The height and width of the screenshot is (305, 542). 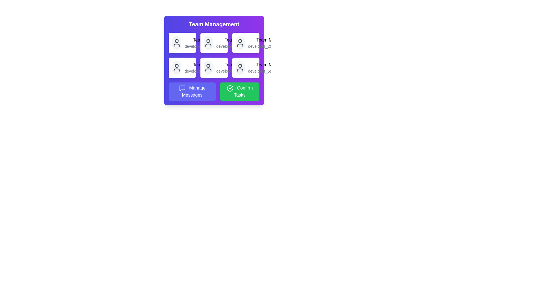 I want to click on the interactive card containing the text display field for a team member's name and email, so click(x=209, y=42).